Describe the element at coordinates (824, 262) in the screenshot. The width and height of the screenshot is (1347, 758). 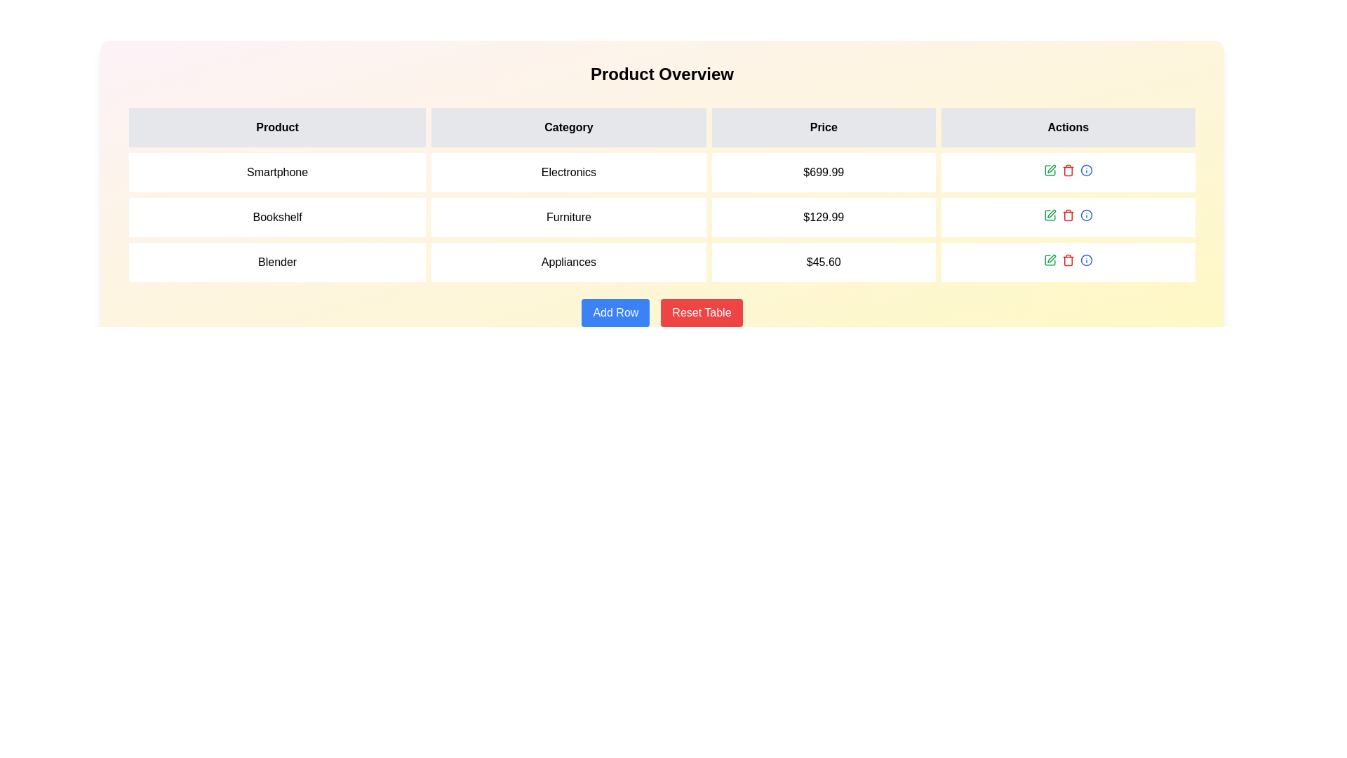
I see `the price label for the 'Blender' in the 'Price' column of the table for appliances` at that location.